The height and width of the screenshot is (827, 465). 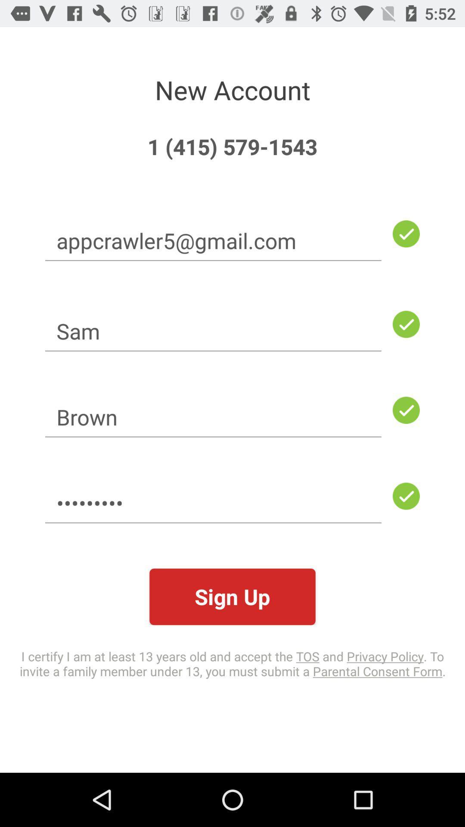 I want to click on appcrawler5@gmail.com, so click(x=213, y=240).